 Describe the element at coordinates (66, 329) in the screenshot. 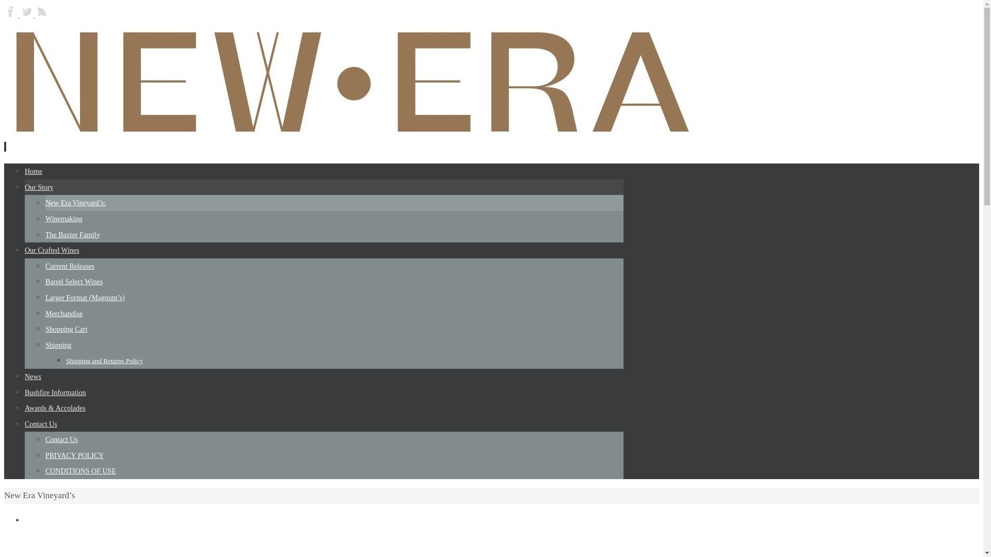

I see `'Shopping Cart'` at that location.